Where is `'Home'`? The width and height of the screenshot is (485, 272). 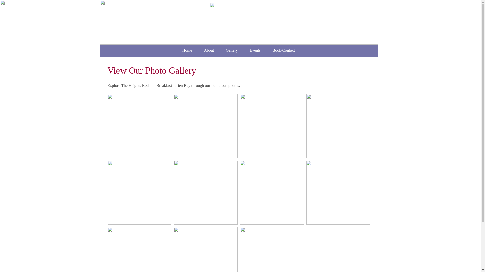
'Home' is located at coordinates (187, 50).